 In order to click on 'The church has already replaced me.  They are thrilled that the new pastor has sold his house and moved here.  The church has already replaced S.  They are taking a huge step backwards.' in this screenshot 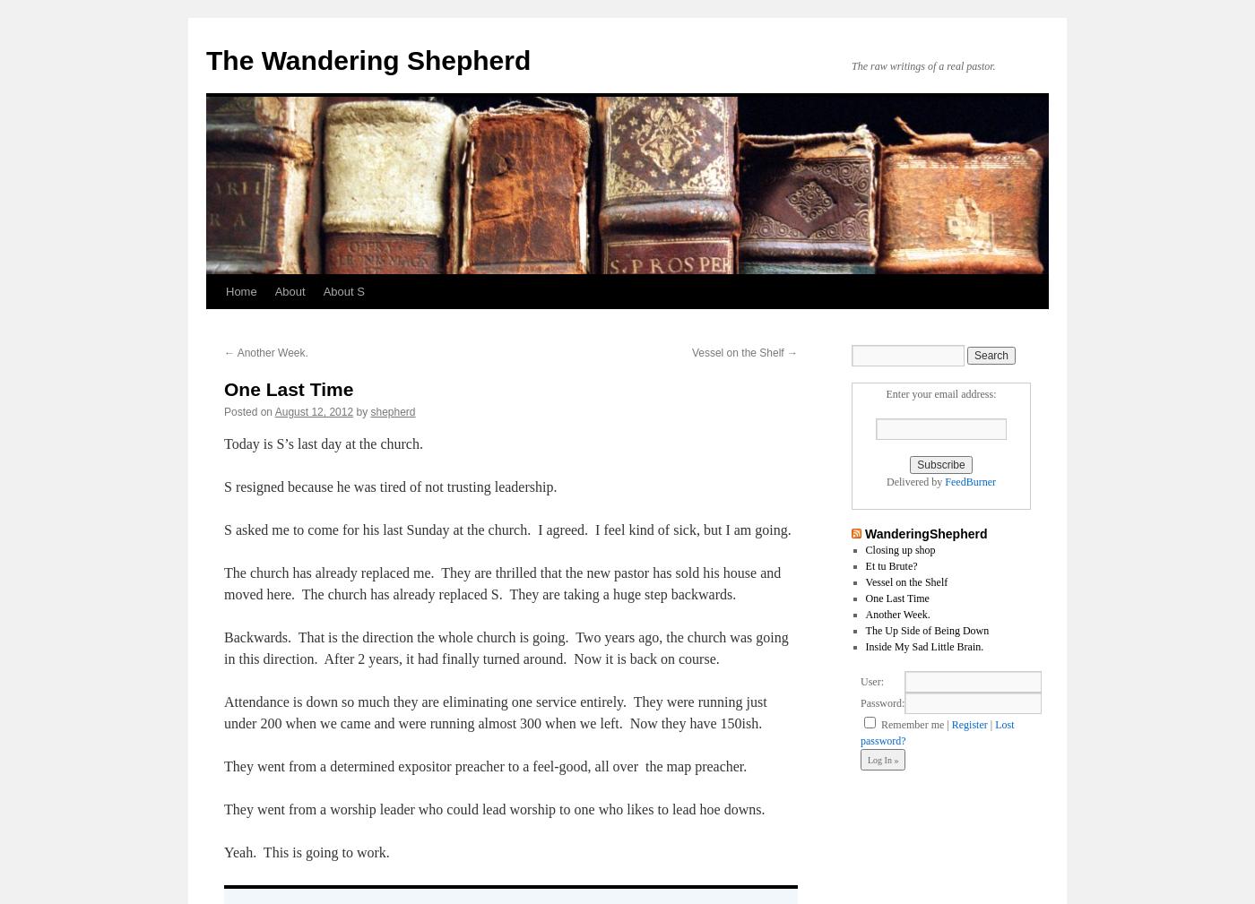, I will do `click(502, 583)`.